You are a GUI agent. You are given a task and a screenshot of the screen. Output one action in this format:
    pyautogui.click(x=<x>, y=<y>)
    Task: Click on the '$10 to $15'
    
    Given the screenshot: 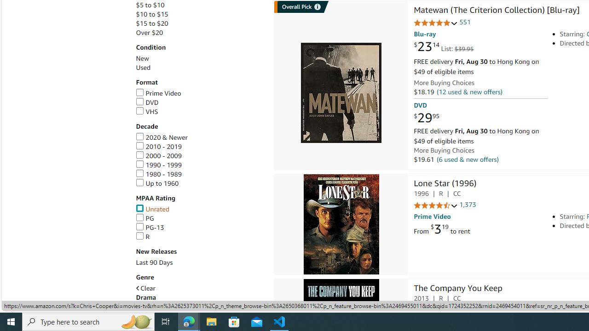 What is the action you would take?
    pyautogui.click(x=152, y=14)
    